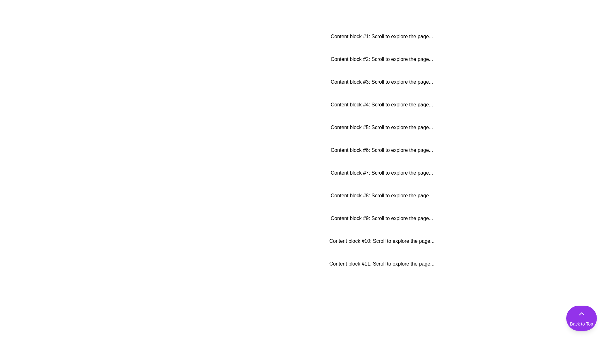 This screenshot has height=341, width=607. I want to click on the 'Back to Top' button, which is a purple circular button with a white upward-pointing chevron icon and white text, located in the bottom-right corner of the interface, to scroll to the top of the page, so click(581, 318).